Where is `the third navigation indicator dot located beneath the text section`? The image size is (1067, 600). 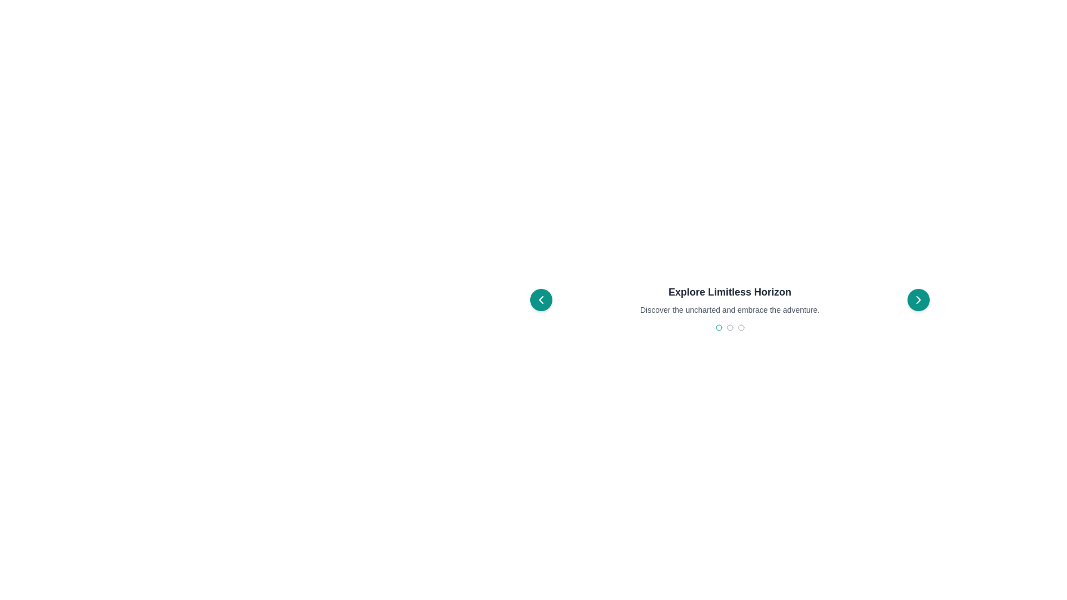 the third navigation indicator dot located beneath the text section is located at coordinates (741, 327).